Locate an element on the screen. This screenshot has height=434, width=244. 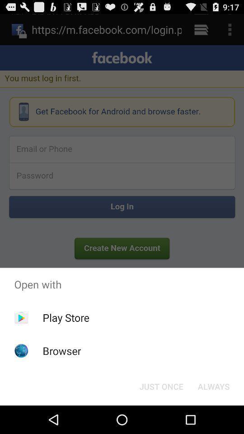
play store item is located at coordinates (66, 317).